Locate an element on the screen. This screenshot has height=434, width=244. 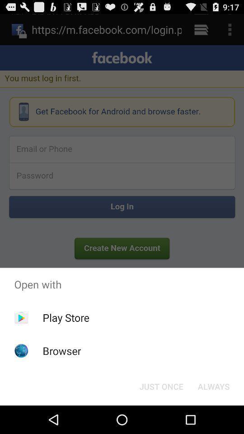
play store item is located at coordinates (66, 317).